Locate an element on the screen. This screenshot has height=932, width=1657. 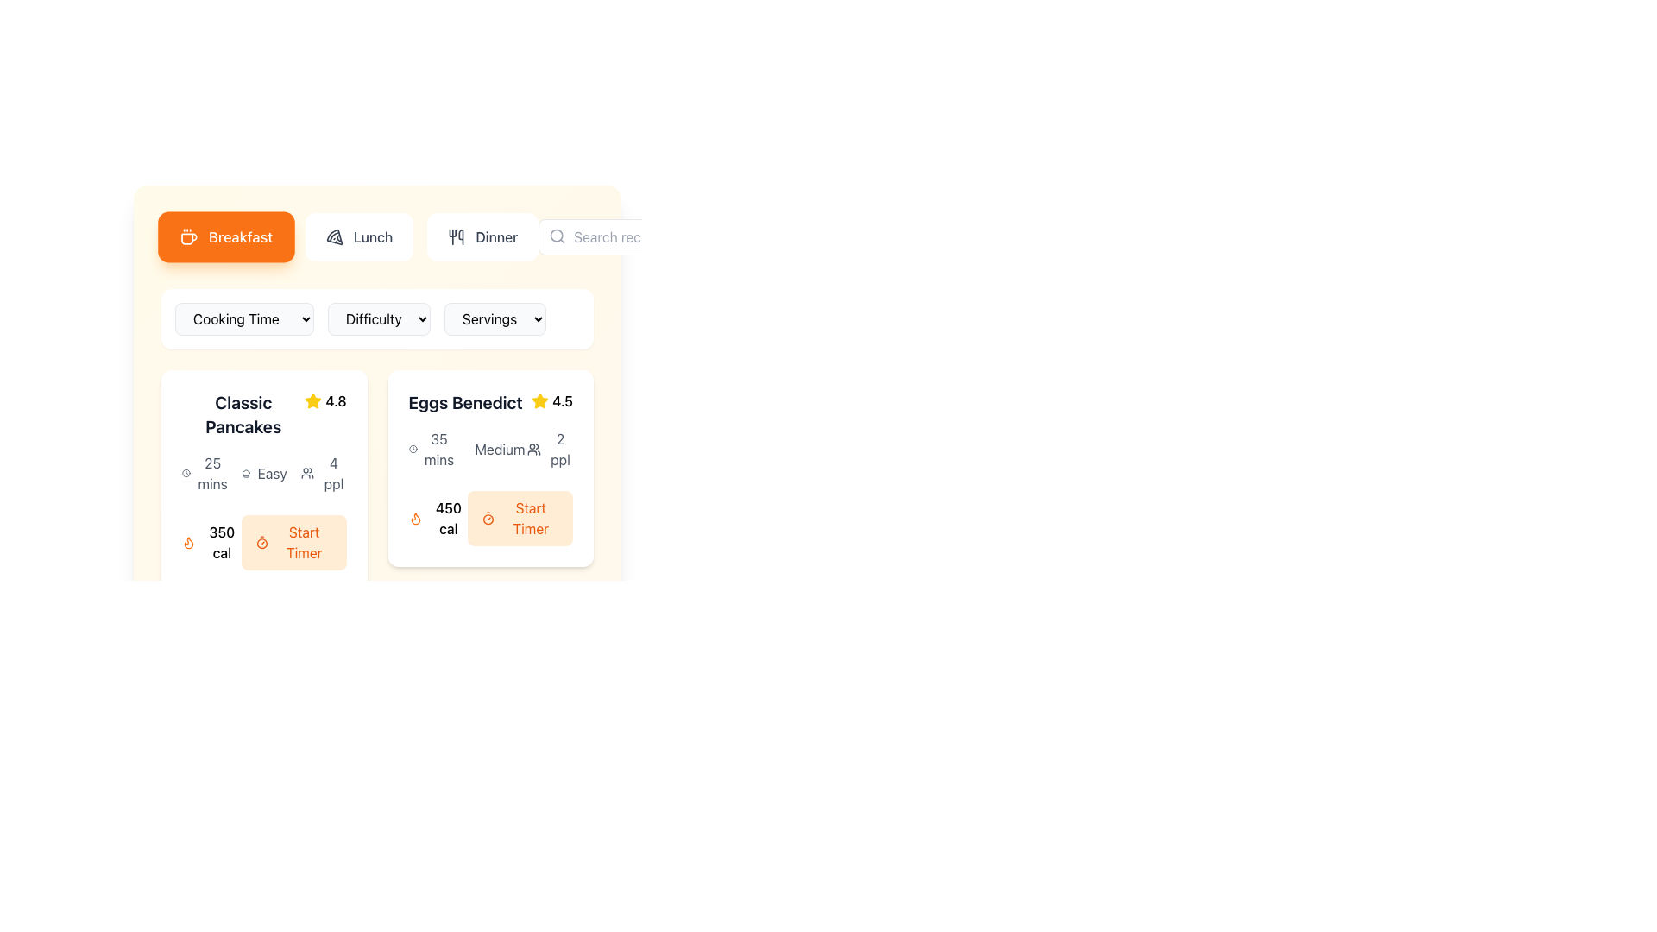
the difficulty level text label located in the 'difficulty' section of the 'Classic Pancakes' card, which indicates the recipe's complexity is located at coordinates (271, 473).